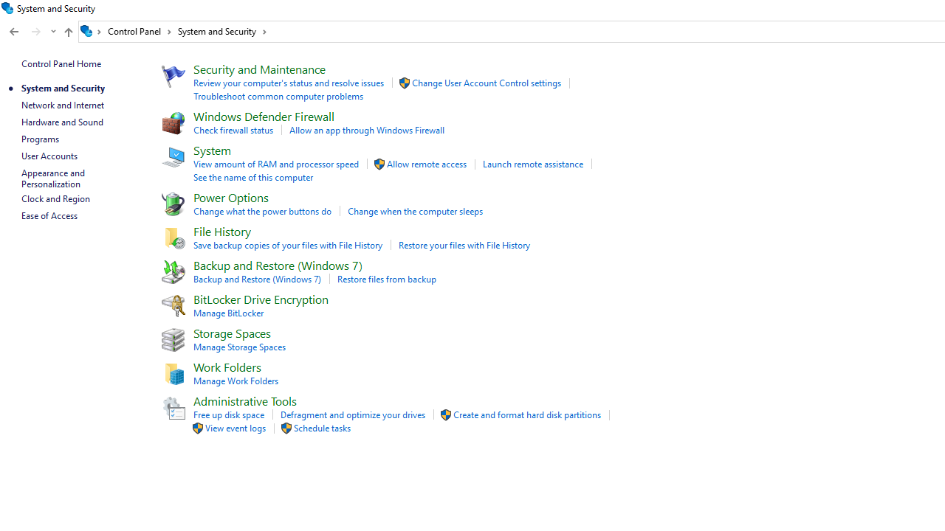 This screenshot has height=531, width=945. What do you see at coordinates (245, 400) in the screenshot?
I see `'Administrative Tools'` at bounding box center [245, 400].